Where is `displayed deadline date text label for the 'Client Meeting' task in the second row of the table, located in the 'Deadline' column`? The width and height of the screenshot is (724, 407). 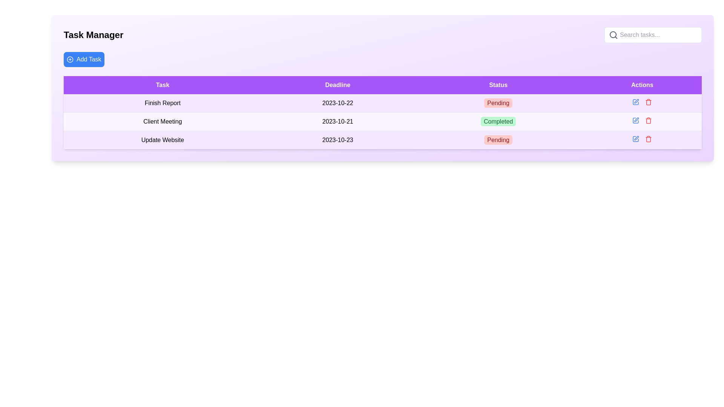
displayed deadline date text label for the 'Client Meeting' task in the second row of the table, located in the 'Deadline' column is located at coordinates (337, 121).